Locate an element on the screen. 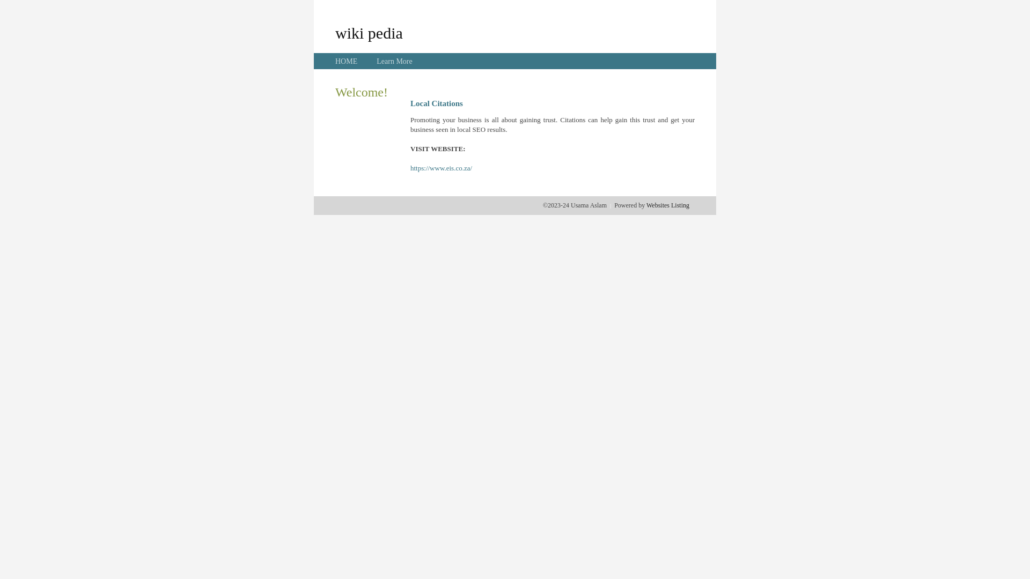 The width and height of the screenshot is (1030, 579). 'Learn More' is located at coordinates (393, 61).